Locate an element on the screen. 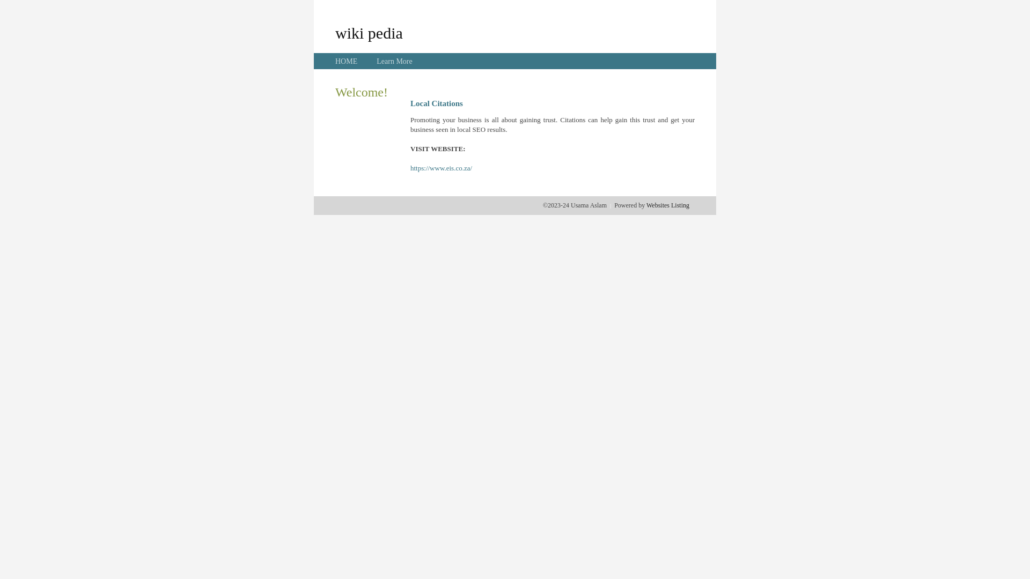 The width and height of the screenshot is (1030, 579). 'Learn More' is located at coordinates (393, 61).